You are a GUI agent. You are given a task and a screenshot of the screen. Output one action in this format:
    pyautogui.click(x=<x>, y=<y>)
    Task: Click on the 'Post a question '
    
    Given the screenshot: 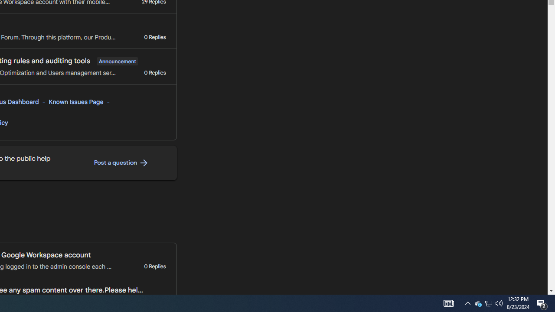 What is the action you would take?
    pyautogui.click(x=121, y=163)
    